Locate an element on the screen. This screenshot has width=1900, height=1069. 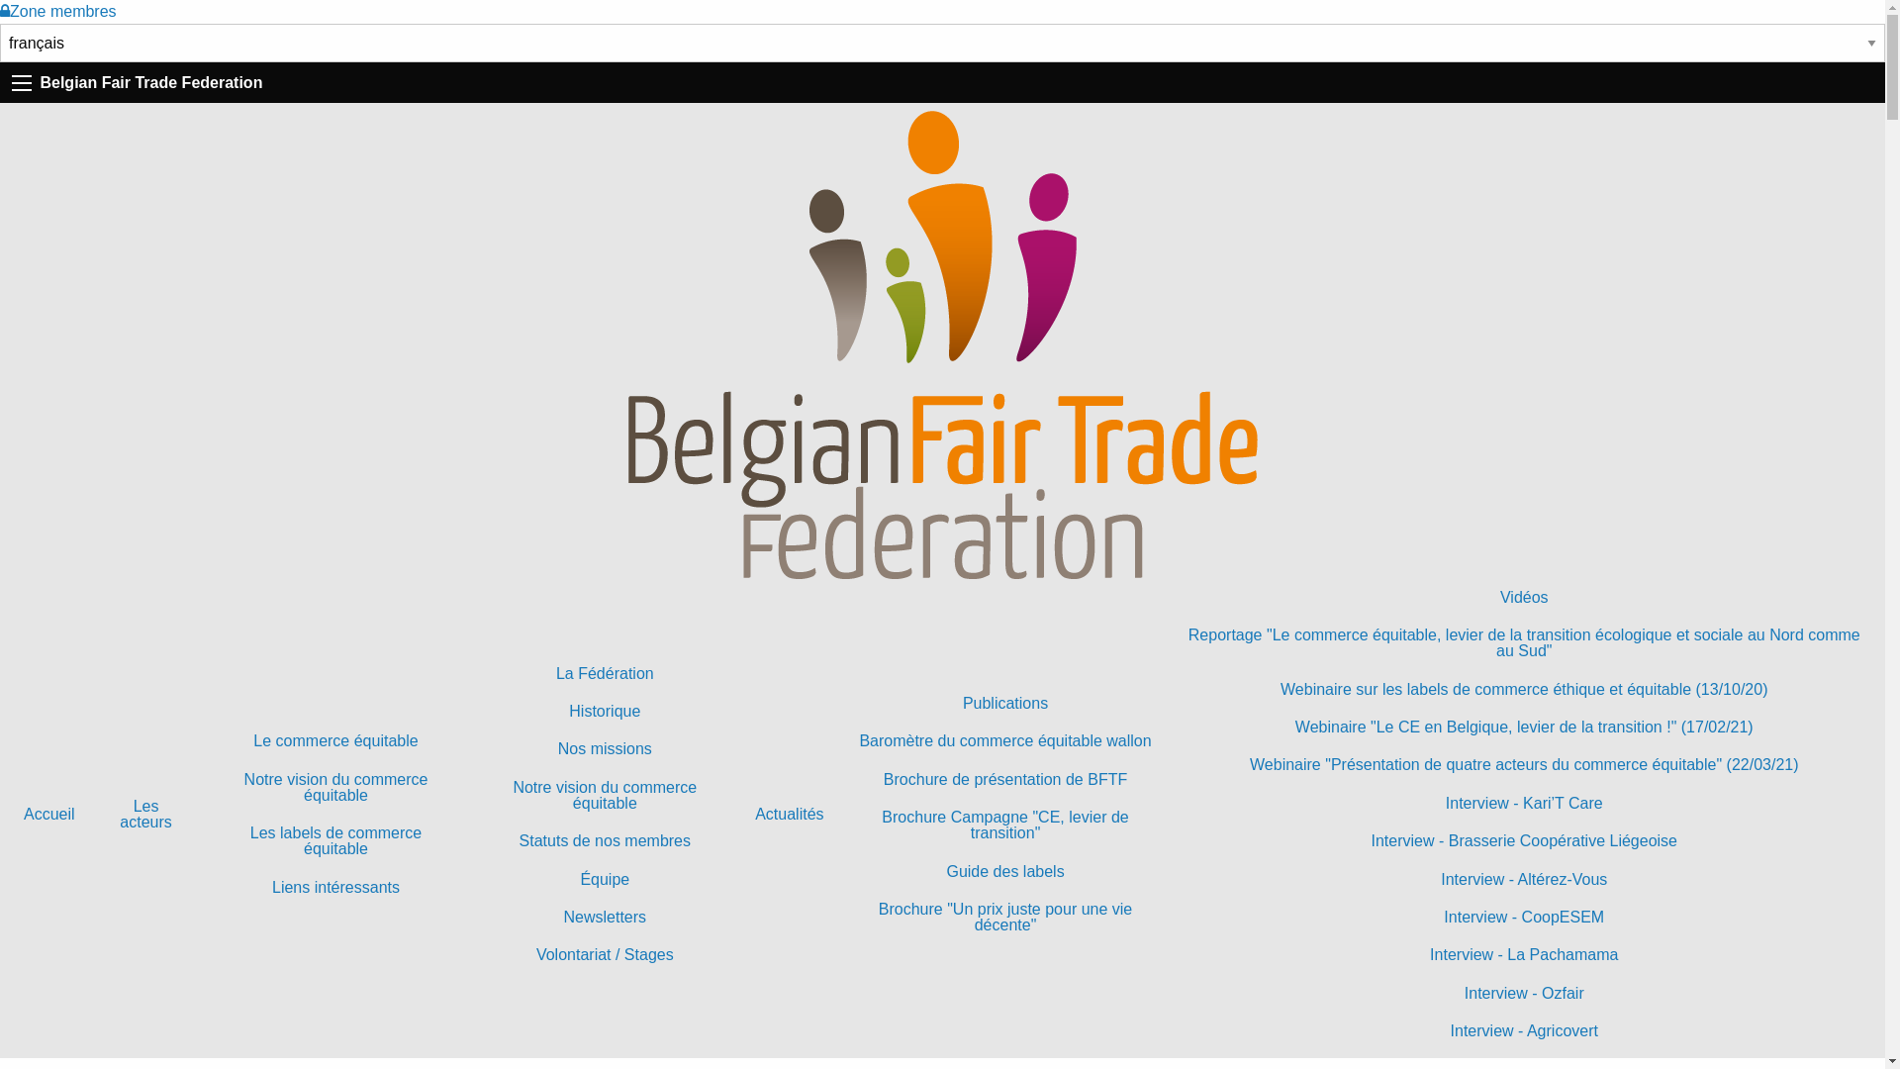
'Statuts de nos membres' is located at coordinates (603, 840).